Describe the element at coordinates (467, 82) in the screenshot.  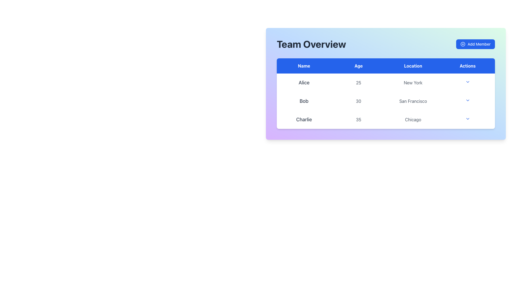
I see `the button in the 'Actions' column of the table for the 'New York' row` at that location.